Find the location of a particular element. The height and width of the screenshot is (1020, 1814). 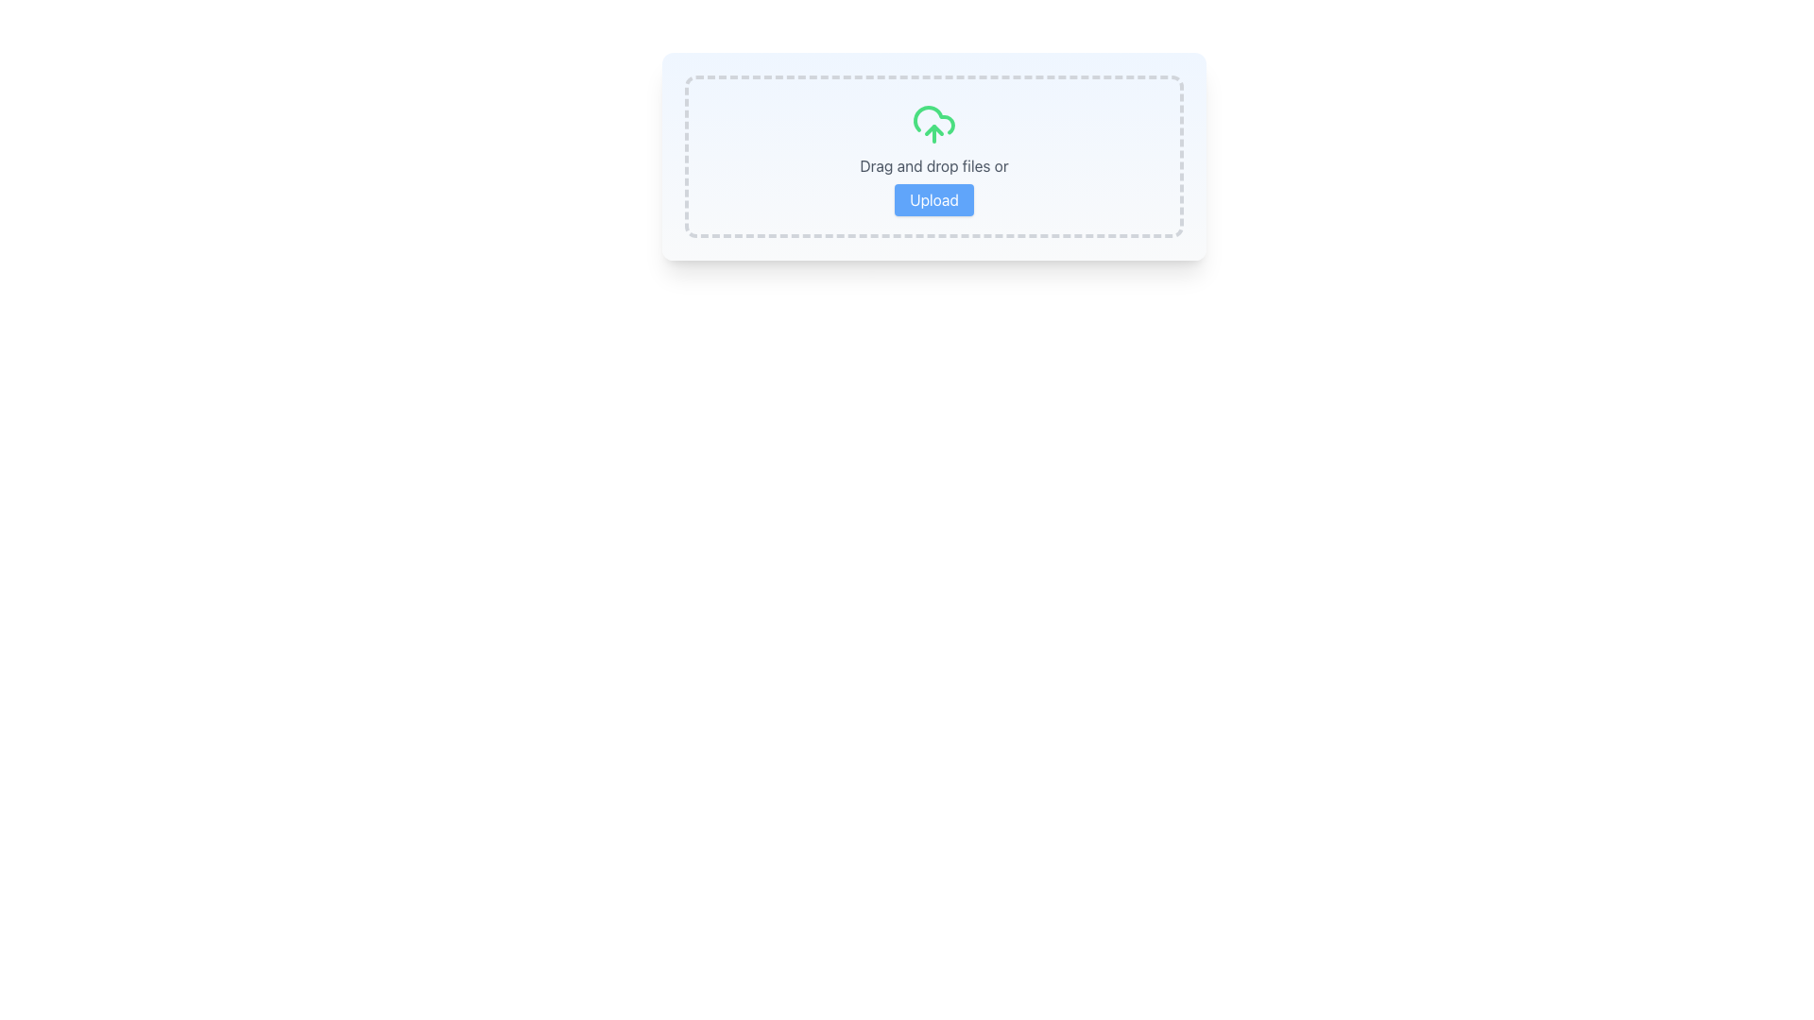

the green cloud icon with an upward-pointing arrow, which represents the file upload functionality is located at coordinates (933, 124).